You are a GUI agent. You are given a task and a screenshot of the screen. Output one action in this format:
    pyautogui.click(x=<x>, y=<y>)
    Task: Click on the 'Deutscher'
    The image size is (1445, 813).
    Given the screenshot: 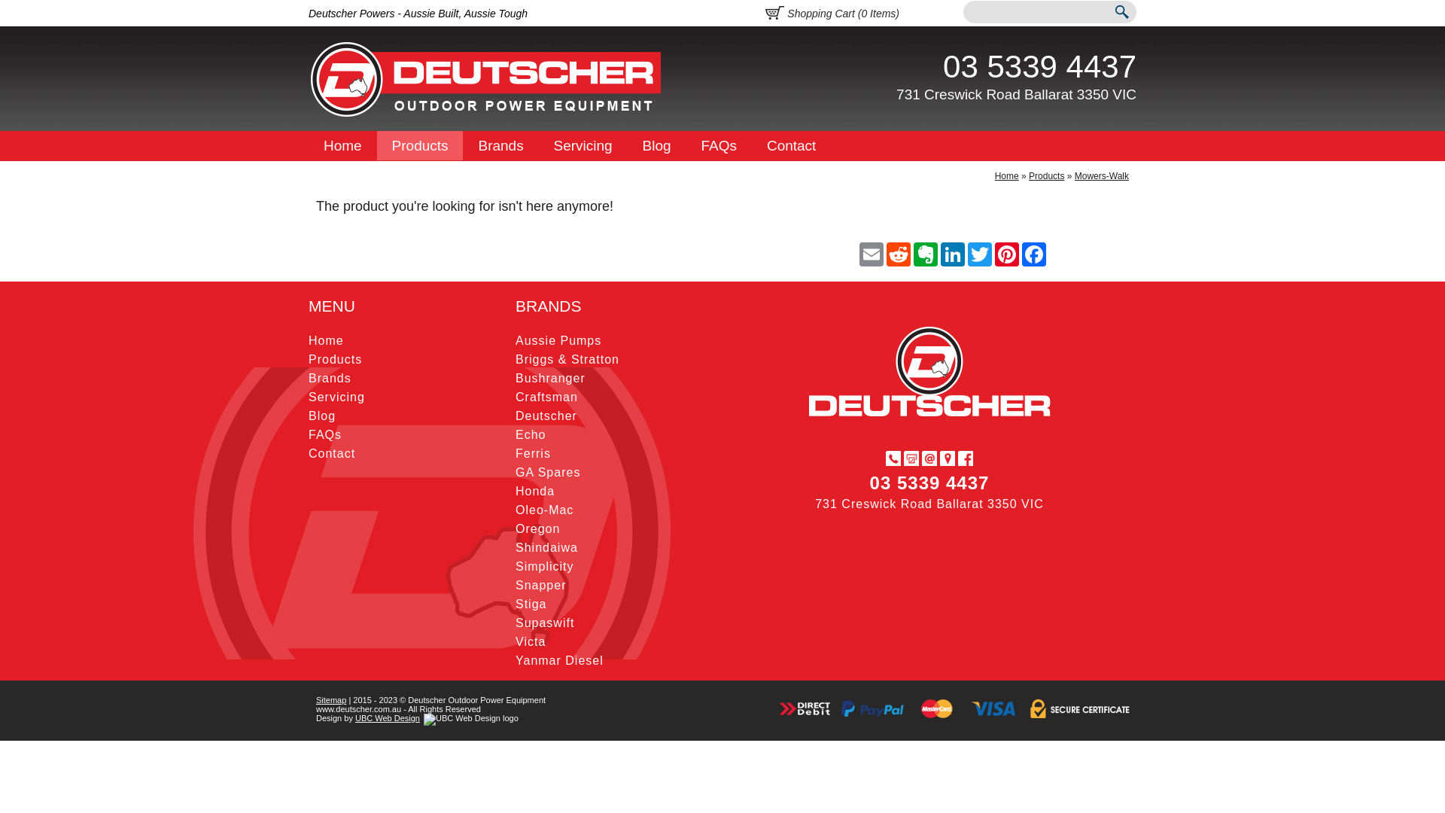 What is the action you would take?
    pyautogui.click(x=516, y=416)
    